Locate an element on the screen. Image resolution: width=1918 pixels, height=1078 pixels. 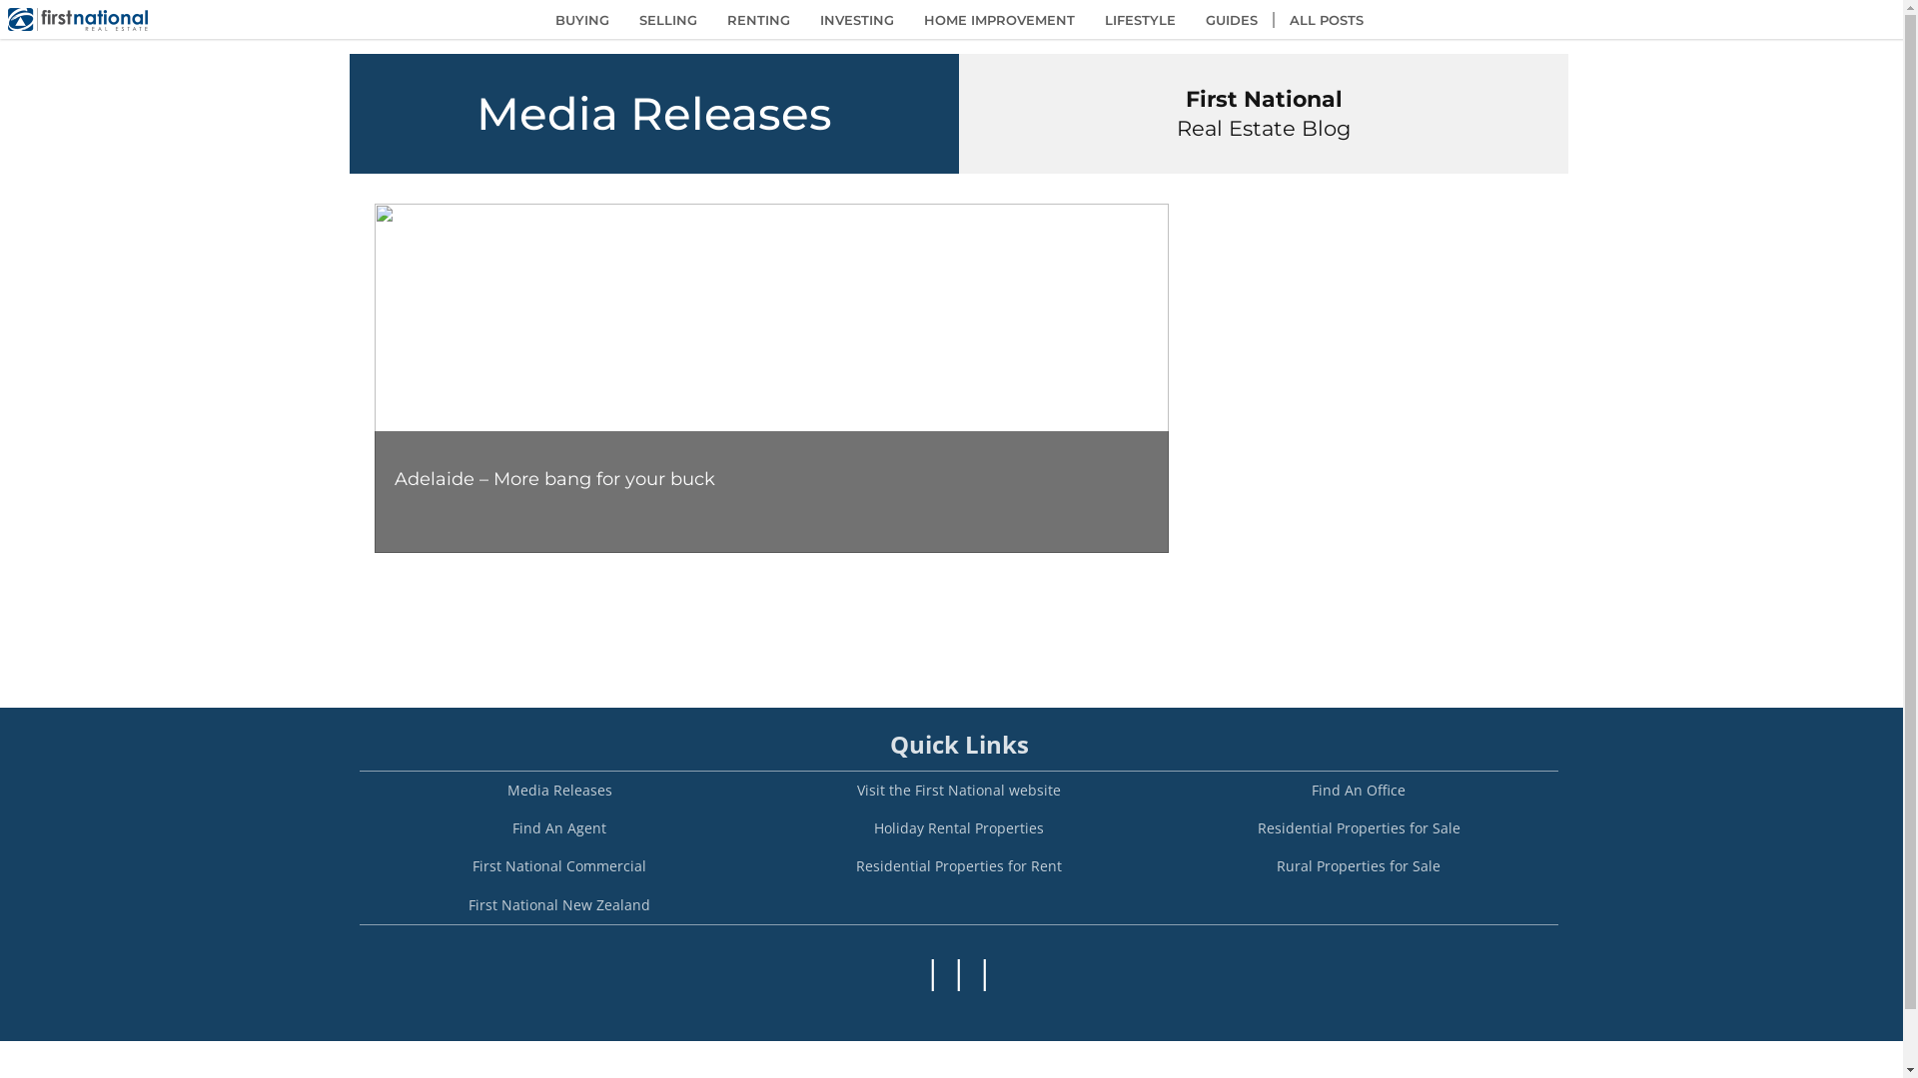
'Residential Properties for Sale' is located at coordinates (1358, 827).